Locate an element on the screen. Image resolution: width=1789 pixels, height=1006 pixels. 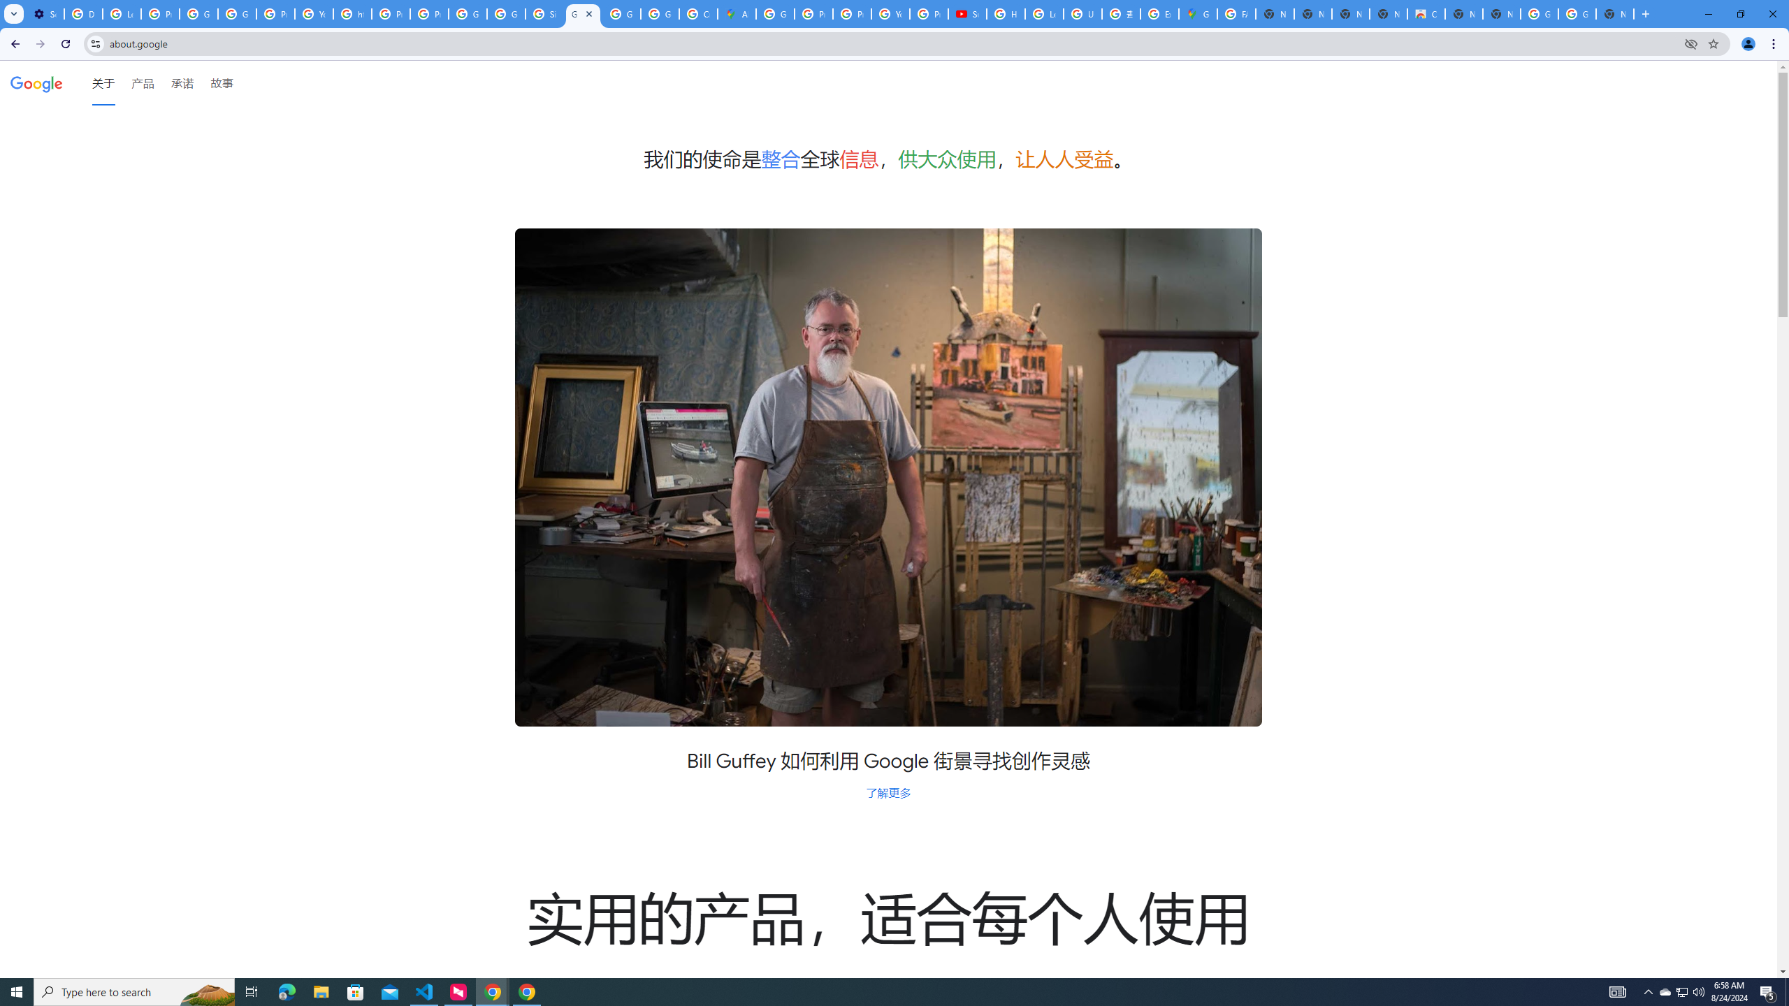
'Subscriptions - YouTube' is located at coordinates (966, 13).